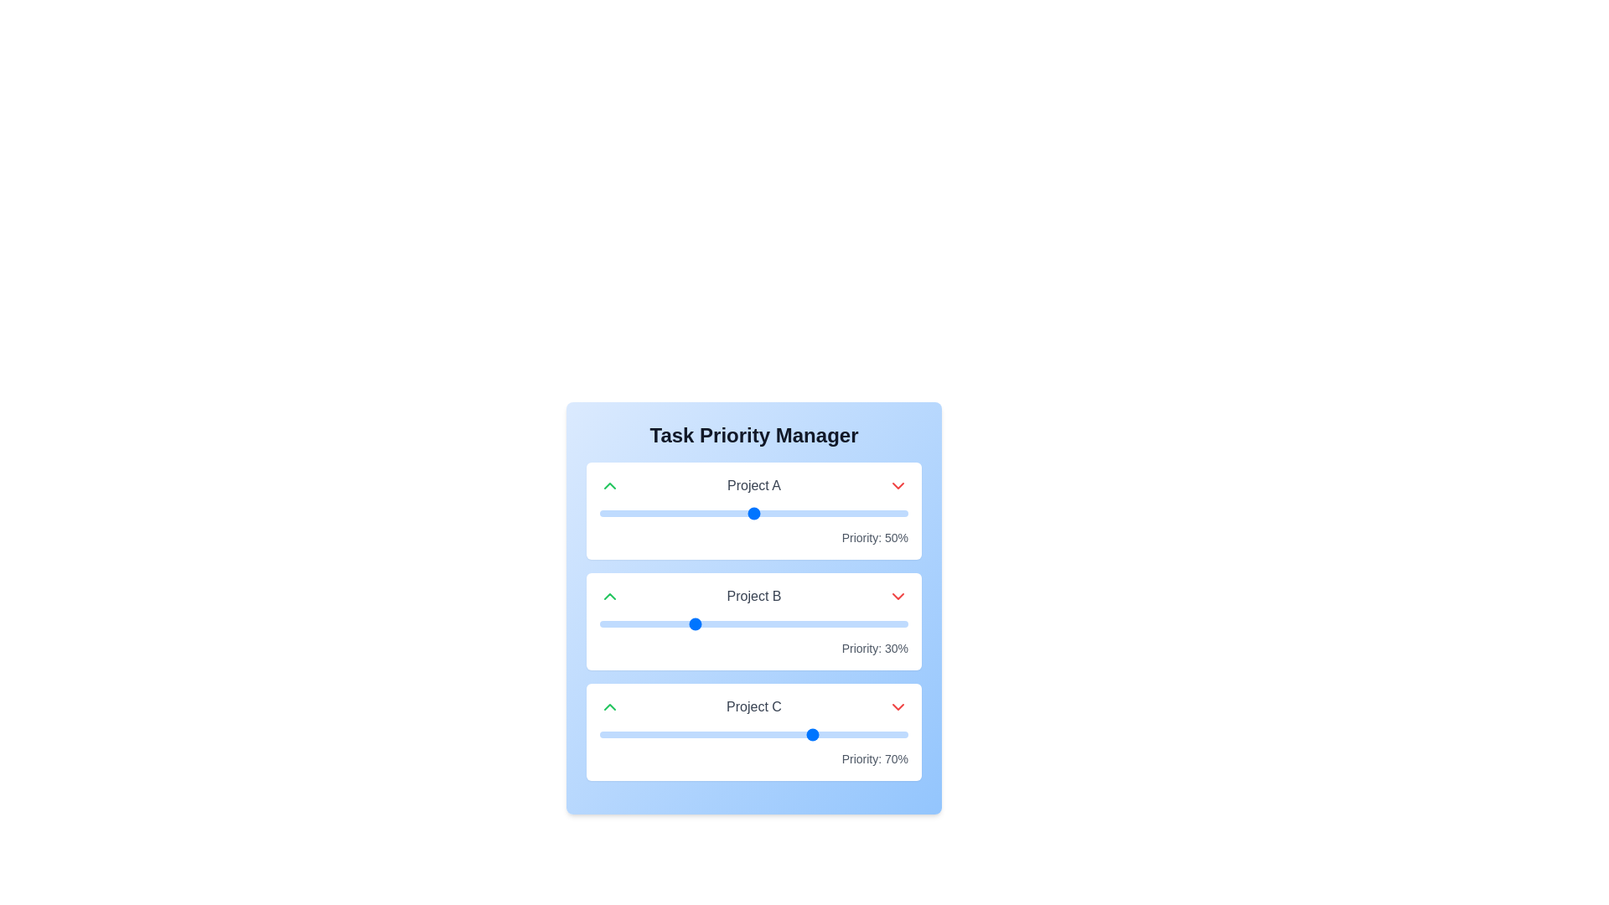 The height and width of the screenshot is (905, 1609). What do you see at coordinates (618, 513) in the screenshot?
I see `the priority slider for a specific task to 6%` at bounding box center [618, 513].